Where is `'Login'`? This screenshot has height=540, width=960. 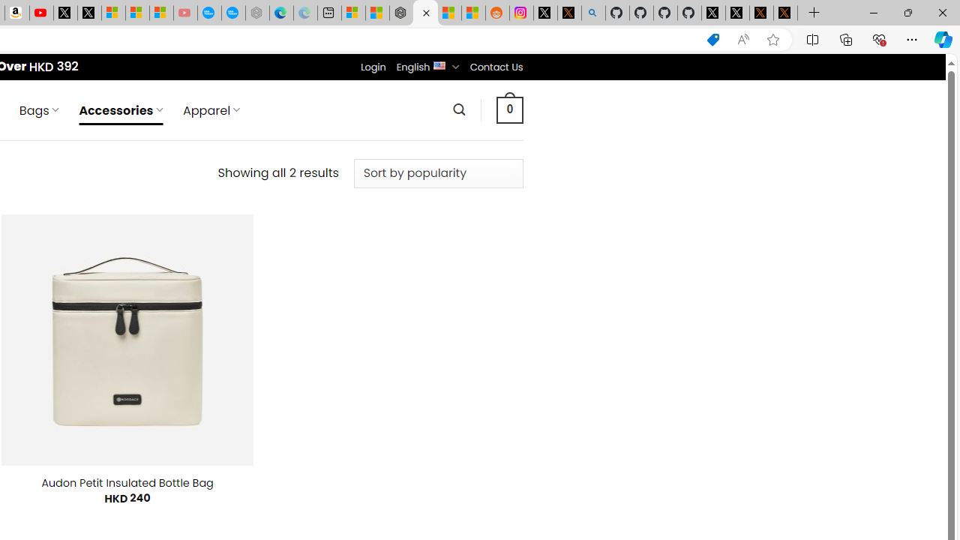 'Login' is located at coordinates (373, 66).